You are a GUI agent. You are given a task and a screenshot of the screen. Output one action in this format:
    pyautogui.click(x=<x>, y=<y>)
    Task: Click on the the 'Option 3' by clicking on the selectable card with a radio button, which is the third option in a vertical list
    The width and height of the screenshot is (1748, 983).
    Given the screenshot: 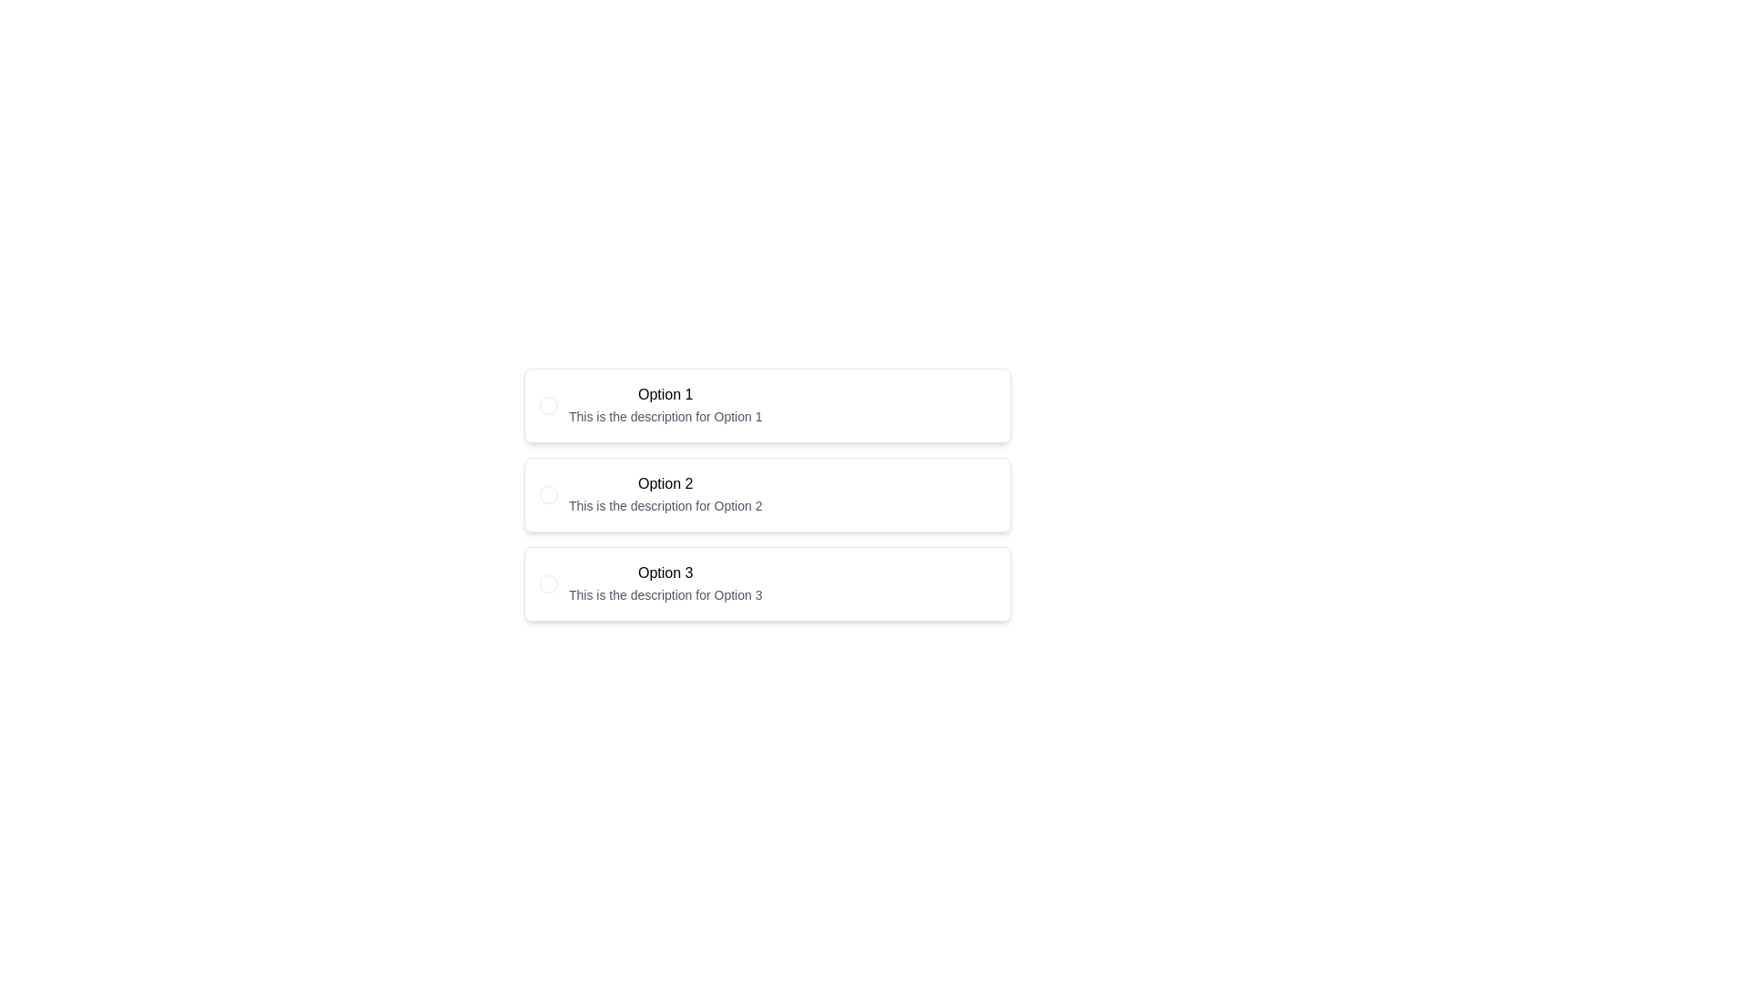 What is the action you would take?
    pyautogui.click(x=767, y=583)
    